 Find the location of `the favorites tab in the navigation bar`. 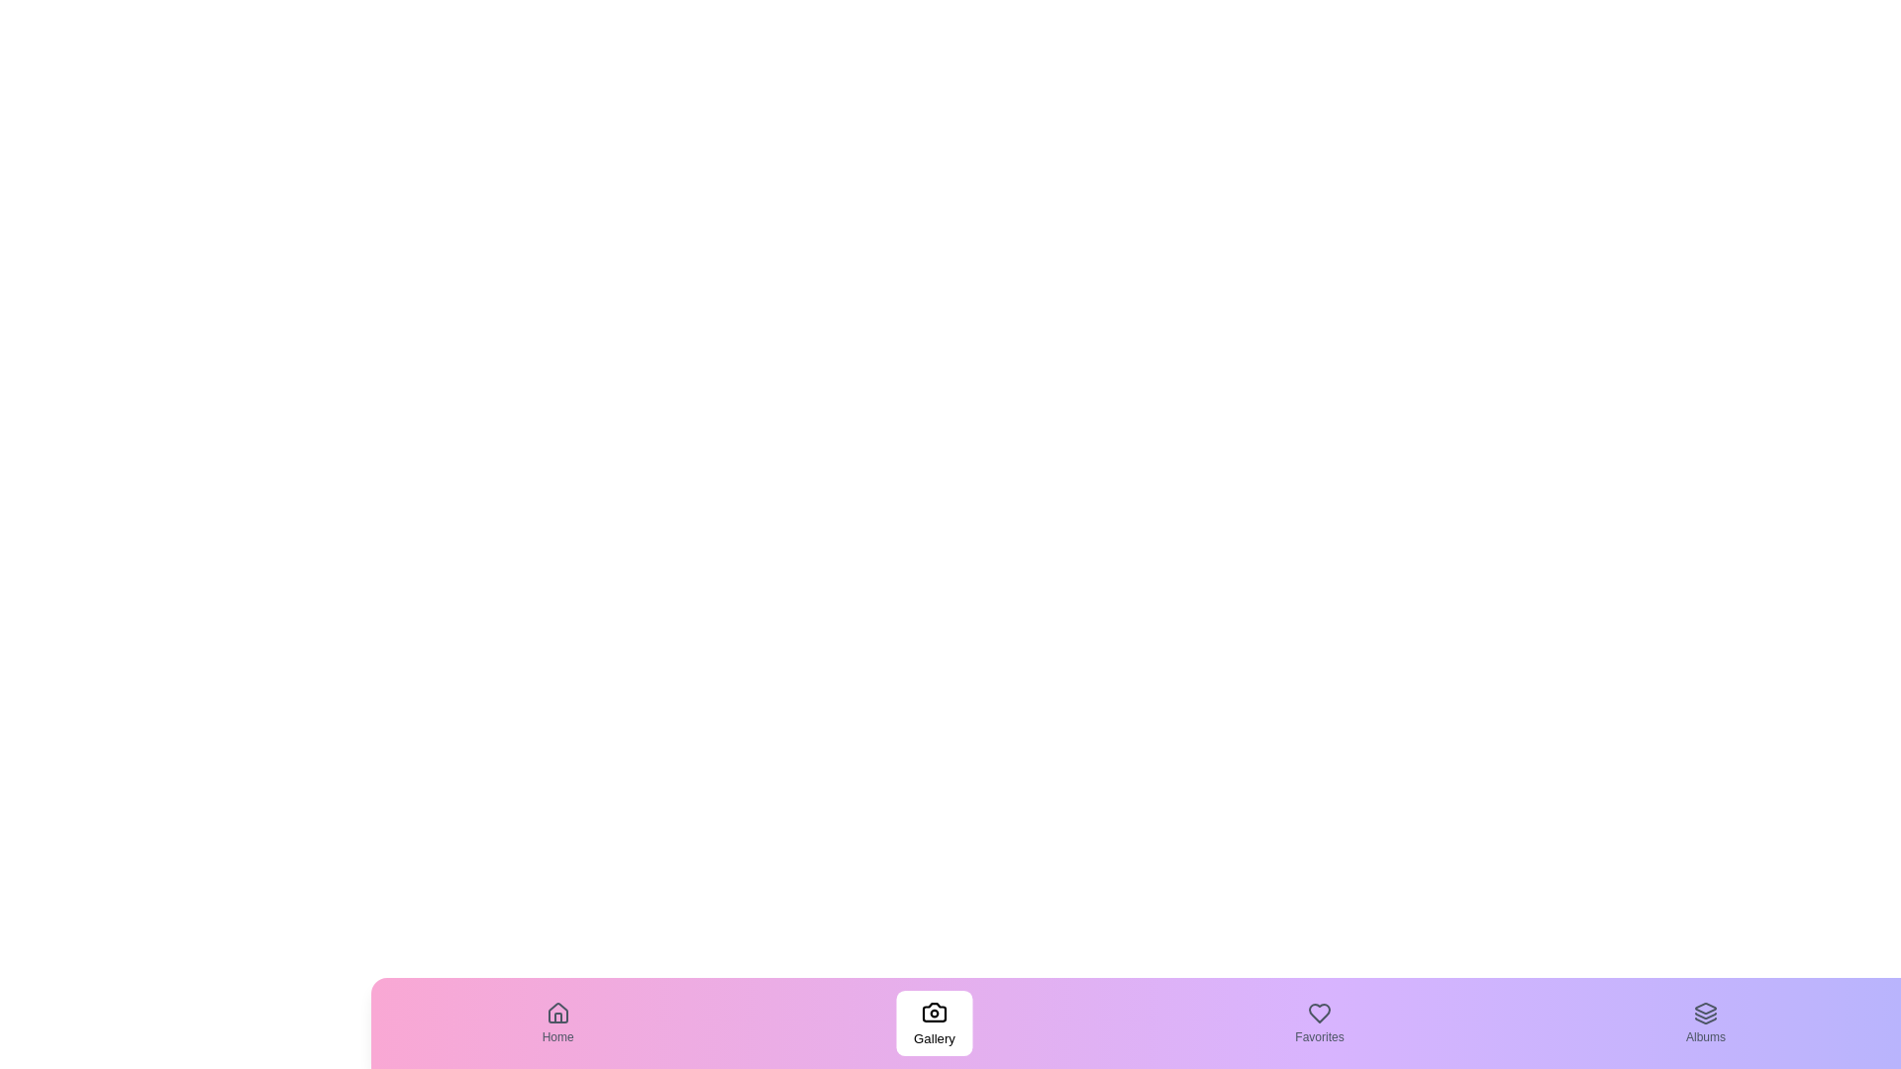

the favorites tab in the navigation bar is located at coordinates (1320, 1022).